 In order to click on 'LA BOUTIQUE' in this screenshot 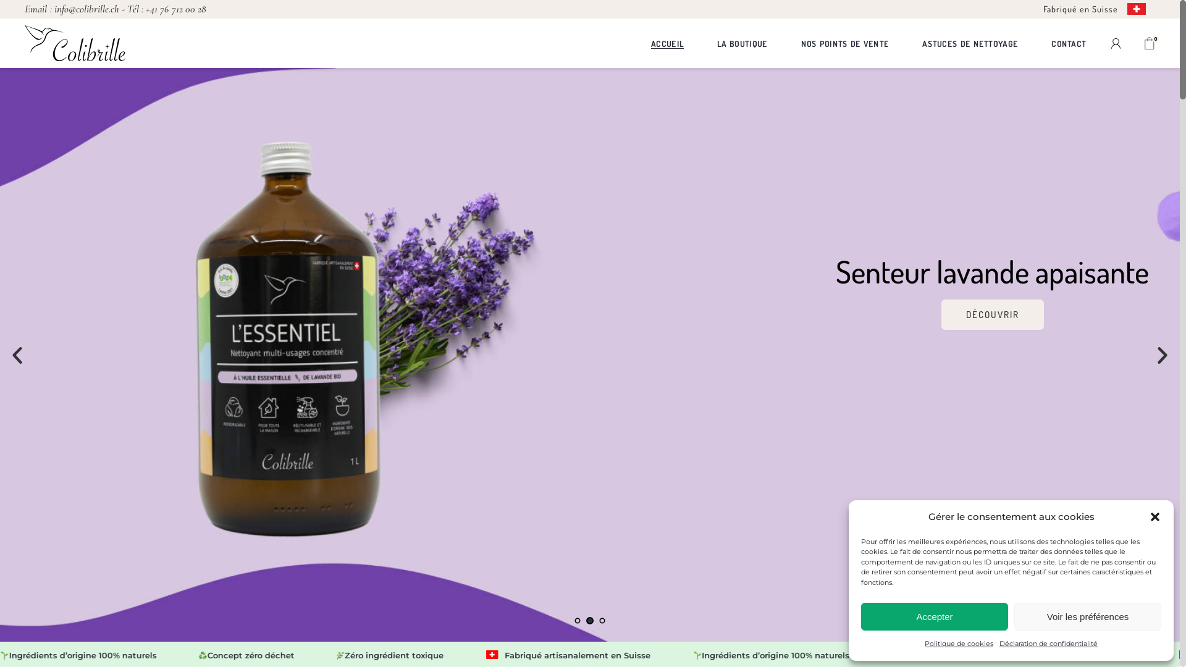, I will do `click(717, 42)`.